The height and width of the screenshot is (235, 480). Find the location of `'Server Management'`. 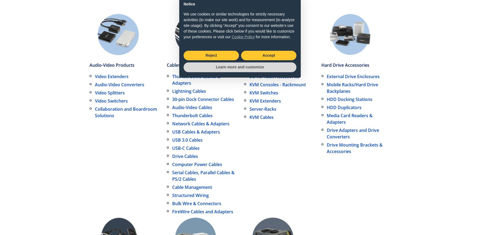

'Server Management' is located at coordinates (265, 65).